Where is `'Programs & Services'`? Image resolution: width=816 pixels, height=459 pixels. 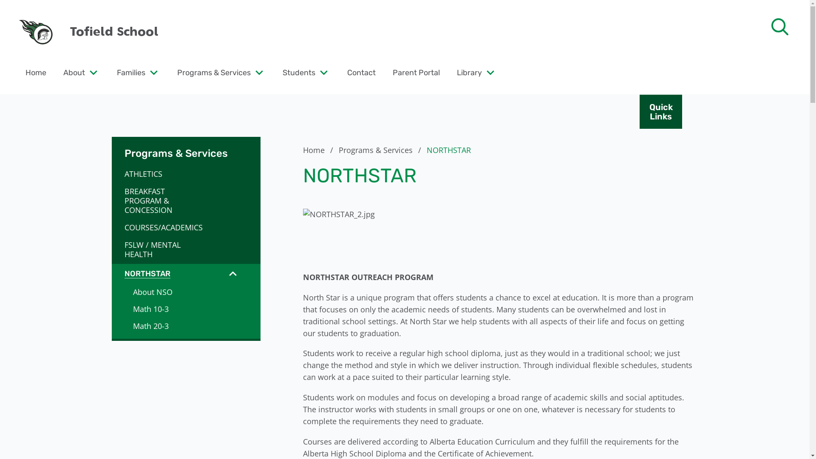
'Programs & Services' is located at coordinates (214, 72).